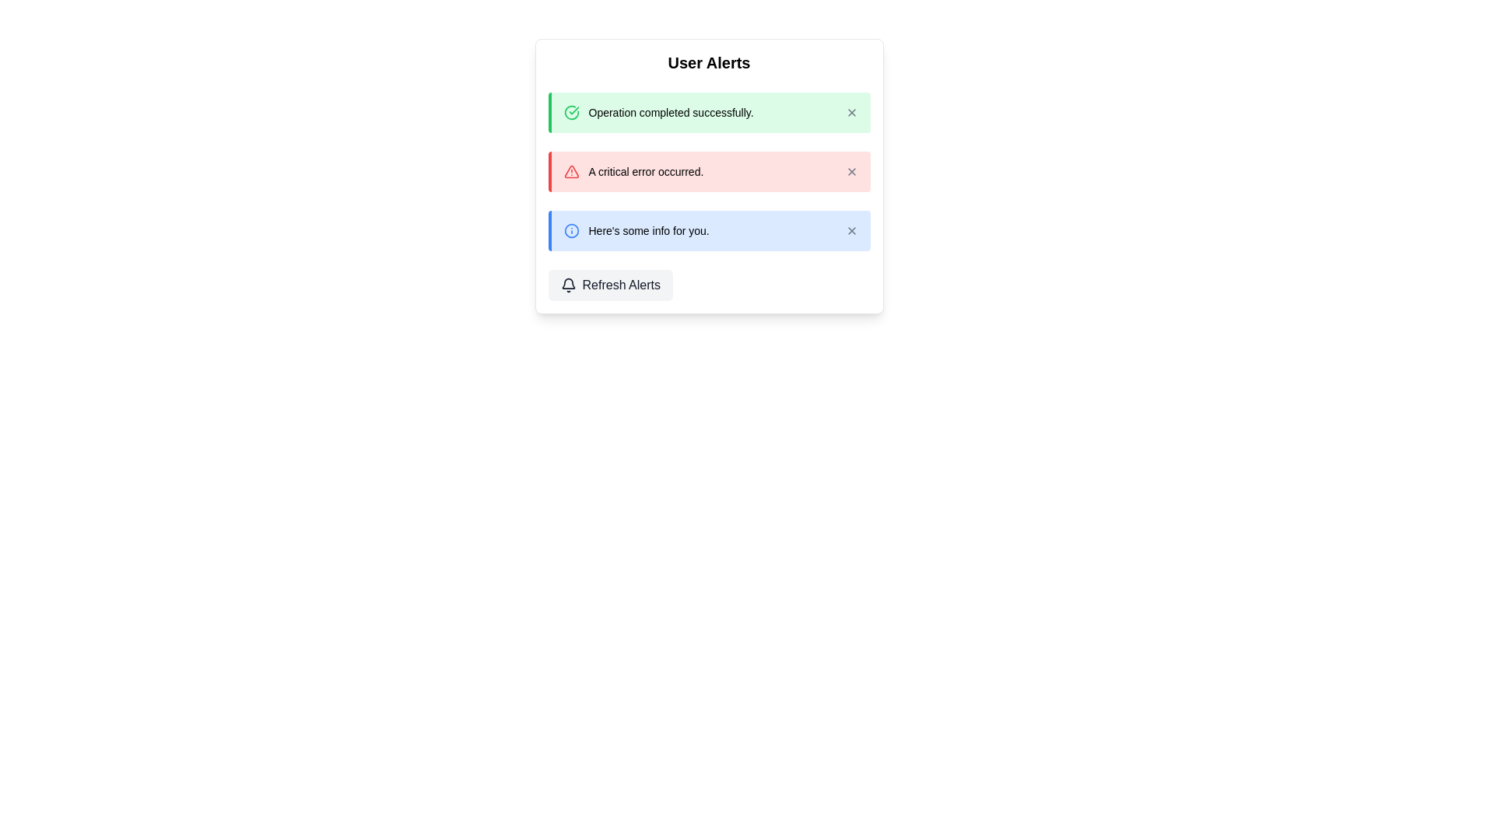  I want to click on the dismiss button located in the top-right corner of the blue information alert box, which contains the text 'Here's some info for you.', so click(850, 231).